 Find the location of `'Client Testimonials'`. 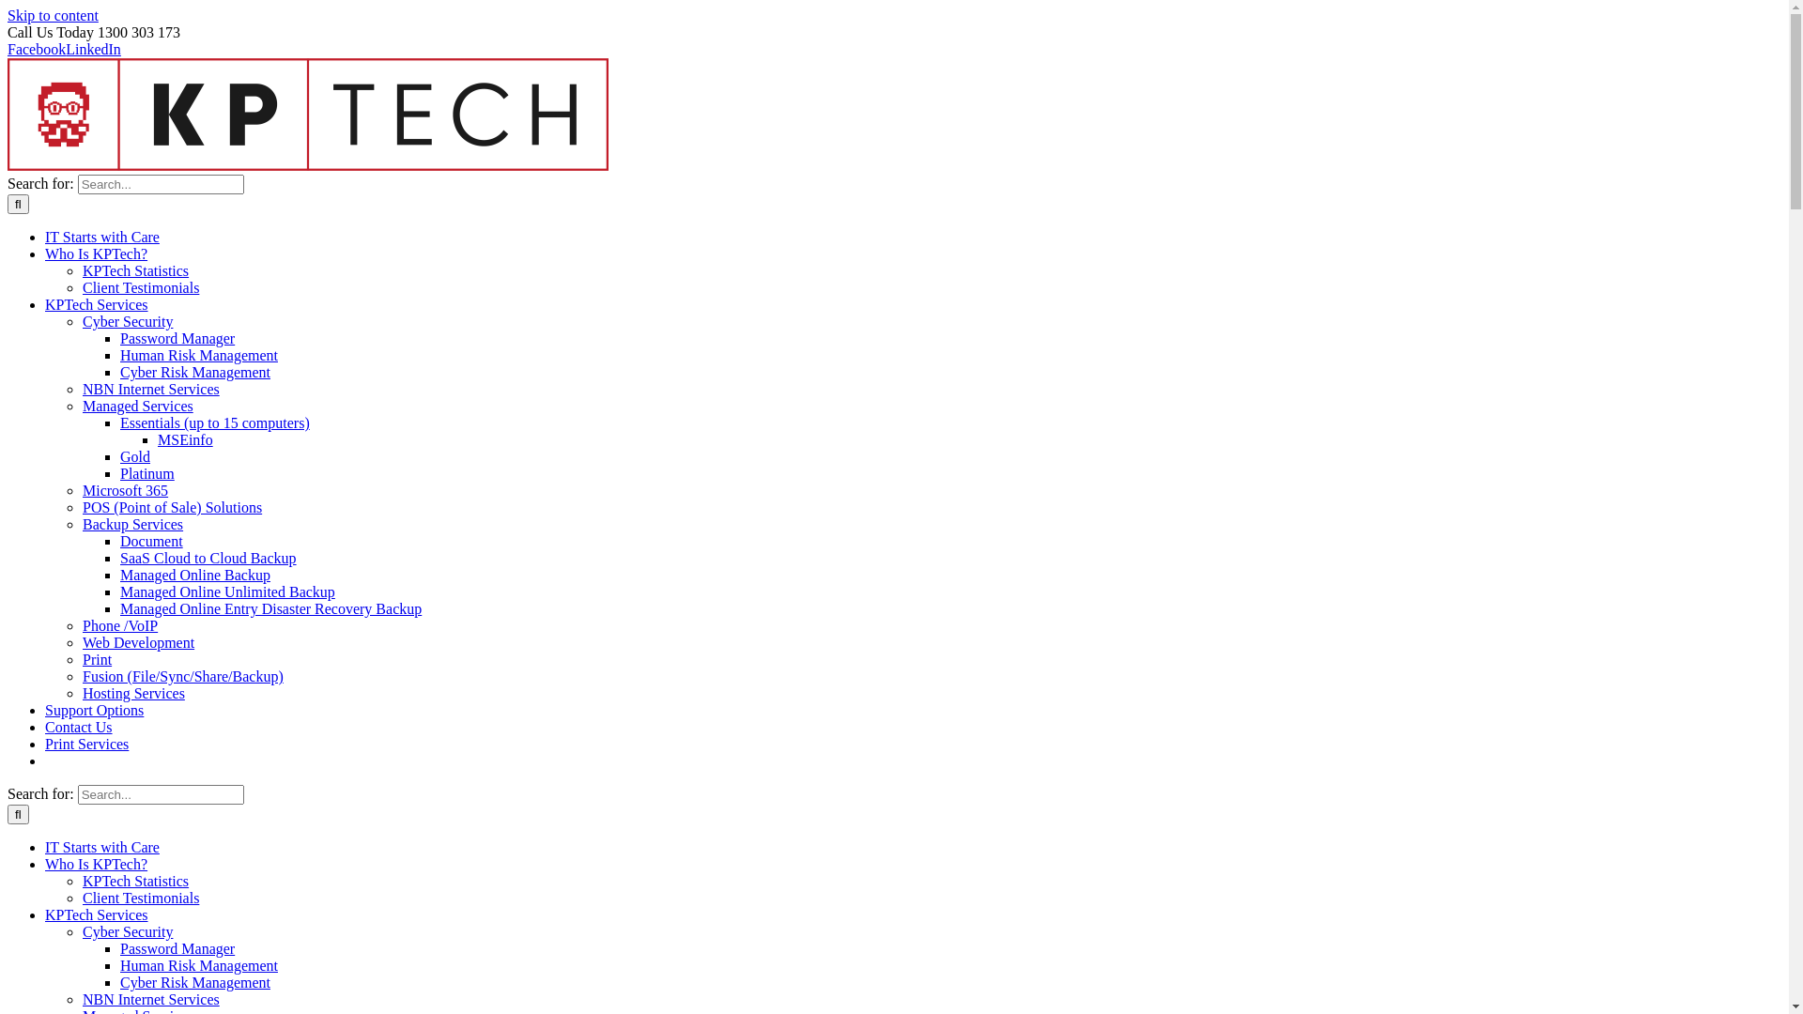

'Client Testimonials' is located at coordinates (139, 287).